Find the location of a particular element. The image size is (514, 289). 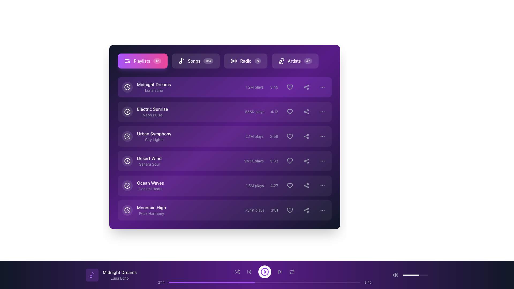

the circular boundary element of the play button for the 'Mountain High' song, which is located on the left side of its row in the playlist interface is located at coordinates (127, 210).